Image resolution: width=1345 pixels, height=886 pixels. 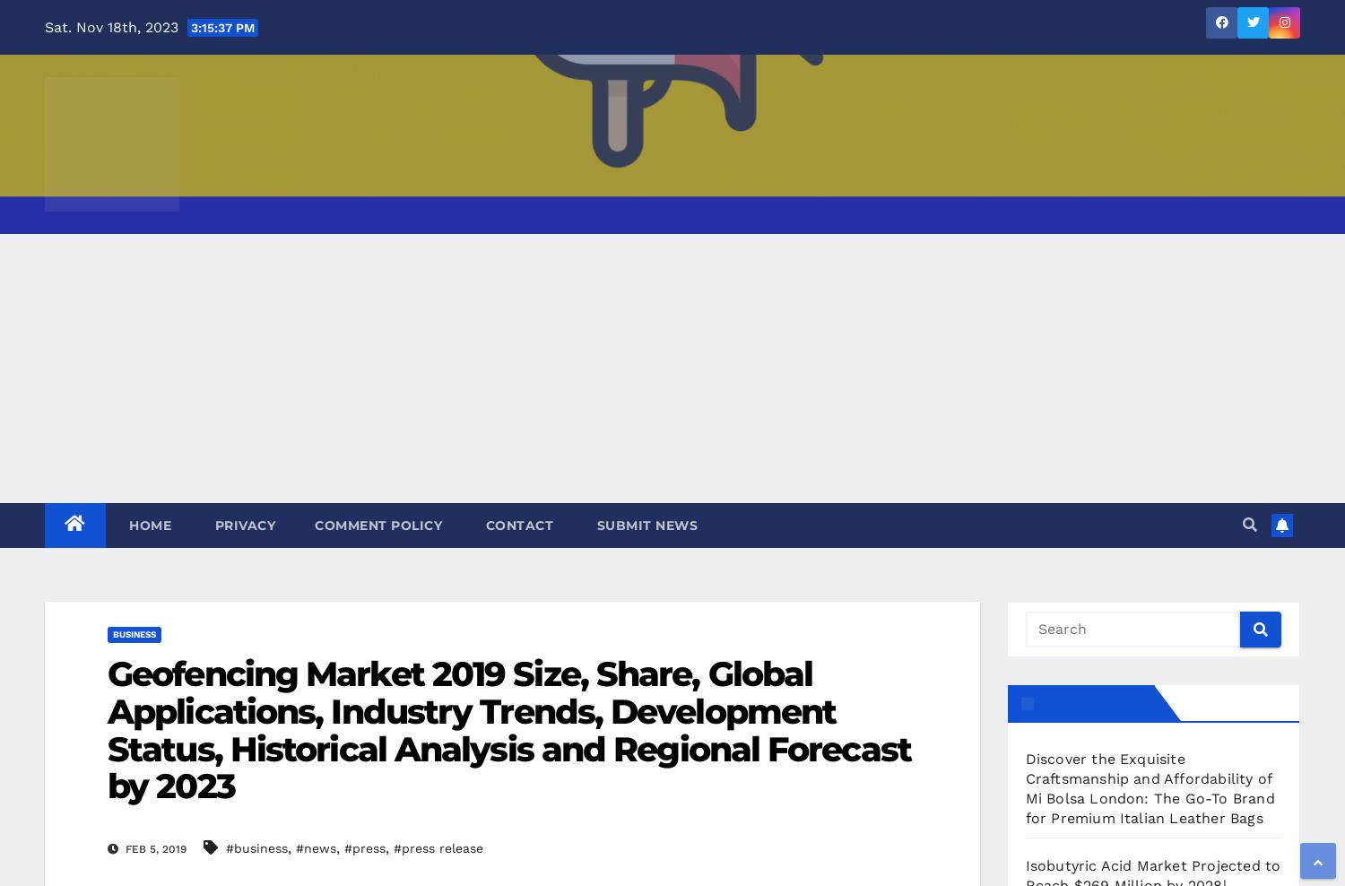 I want to click on 'Business', so click(x=134, y=634).